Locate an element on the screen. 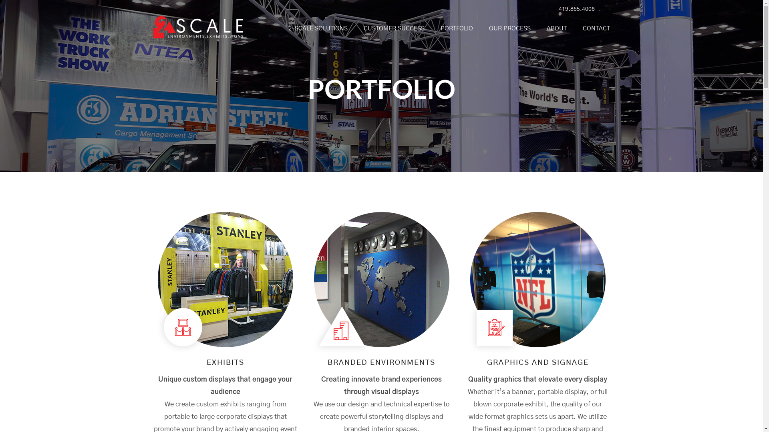 The width and height of the screenshot is (769, 432). 'CUSTOMER SUCCESS' is located at coordinates (356, 28).